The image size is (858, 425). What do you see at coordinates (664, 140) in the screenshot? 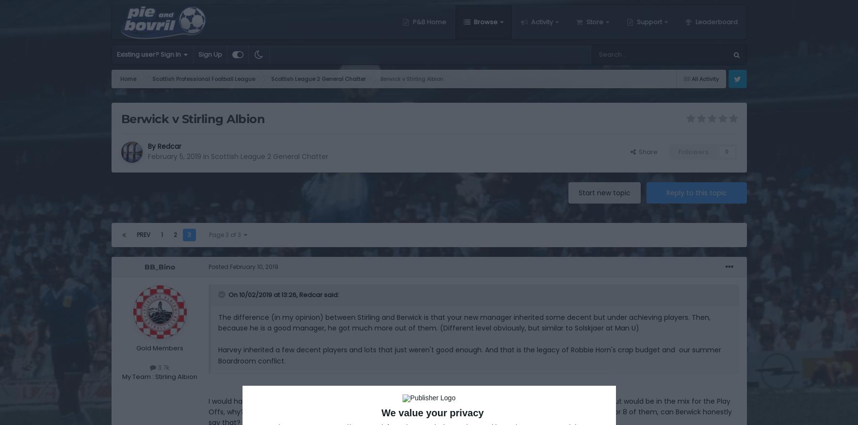
I see `'Topics'` at bounding box center [664, 140].